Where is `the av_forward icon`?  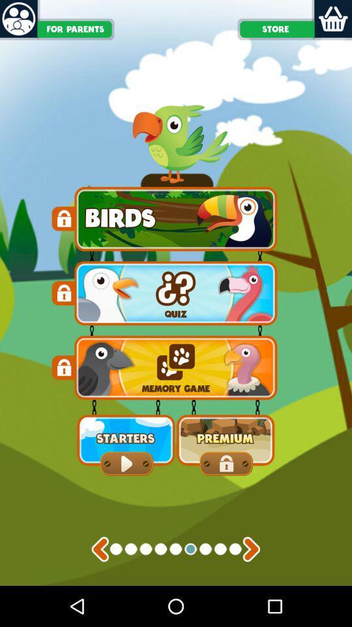 the av_forward icon is located at coordinates (251, 587).